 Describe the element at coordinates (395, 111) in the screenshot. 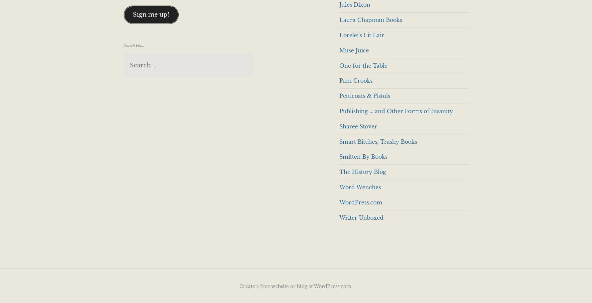

I see `'Publishing … and Other Forms of Insanity'` at that location.